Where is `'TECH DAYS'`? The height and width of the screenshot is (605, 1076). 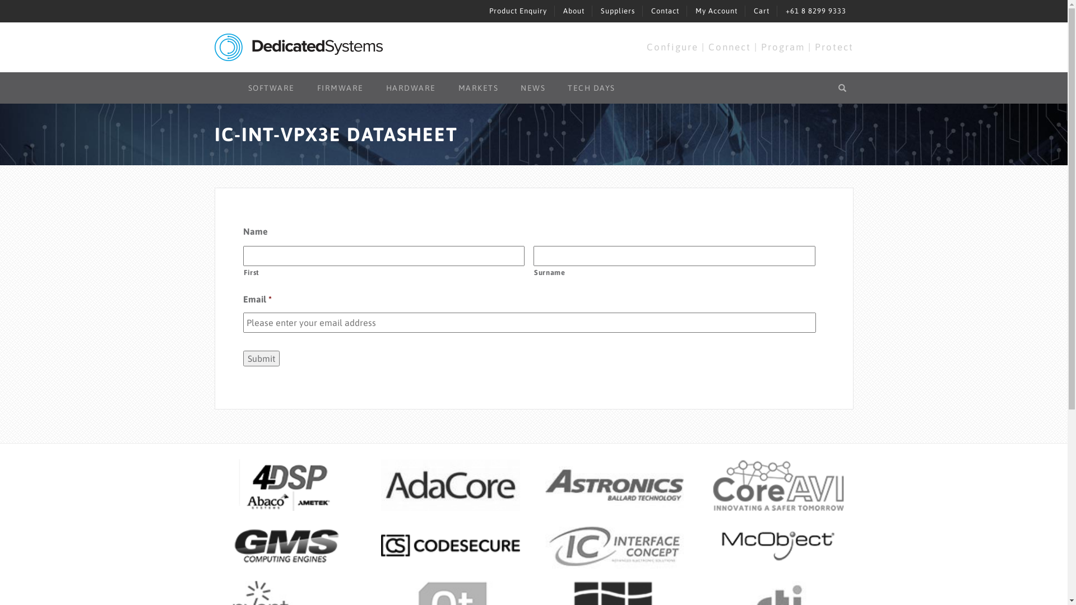
'TECH DAYS' is located at coordinates (591, 87).